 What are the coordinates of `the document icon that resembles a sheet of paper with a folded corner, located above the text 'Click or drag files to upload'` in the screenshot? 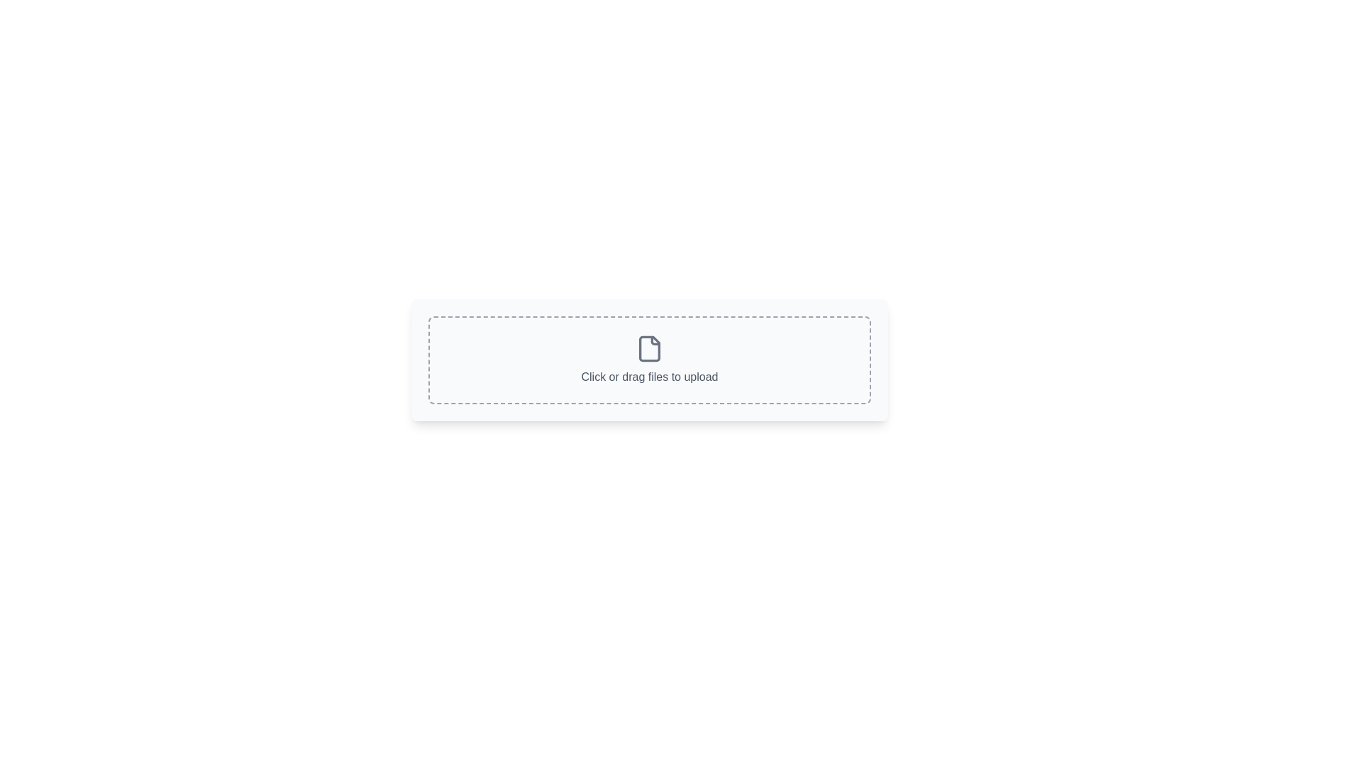 It's located at (649, 349).